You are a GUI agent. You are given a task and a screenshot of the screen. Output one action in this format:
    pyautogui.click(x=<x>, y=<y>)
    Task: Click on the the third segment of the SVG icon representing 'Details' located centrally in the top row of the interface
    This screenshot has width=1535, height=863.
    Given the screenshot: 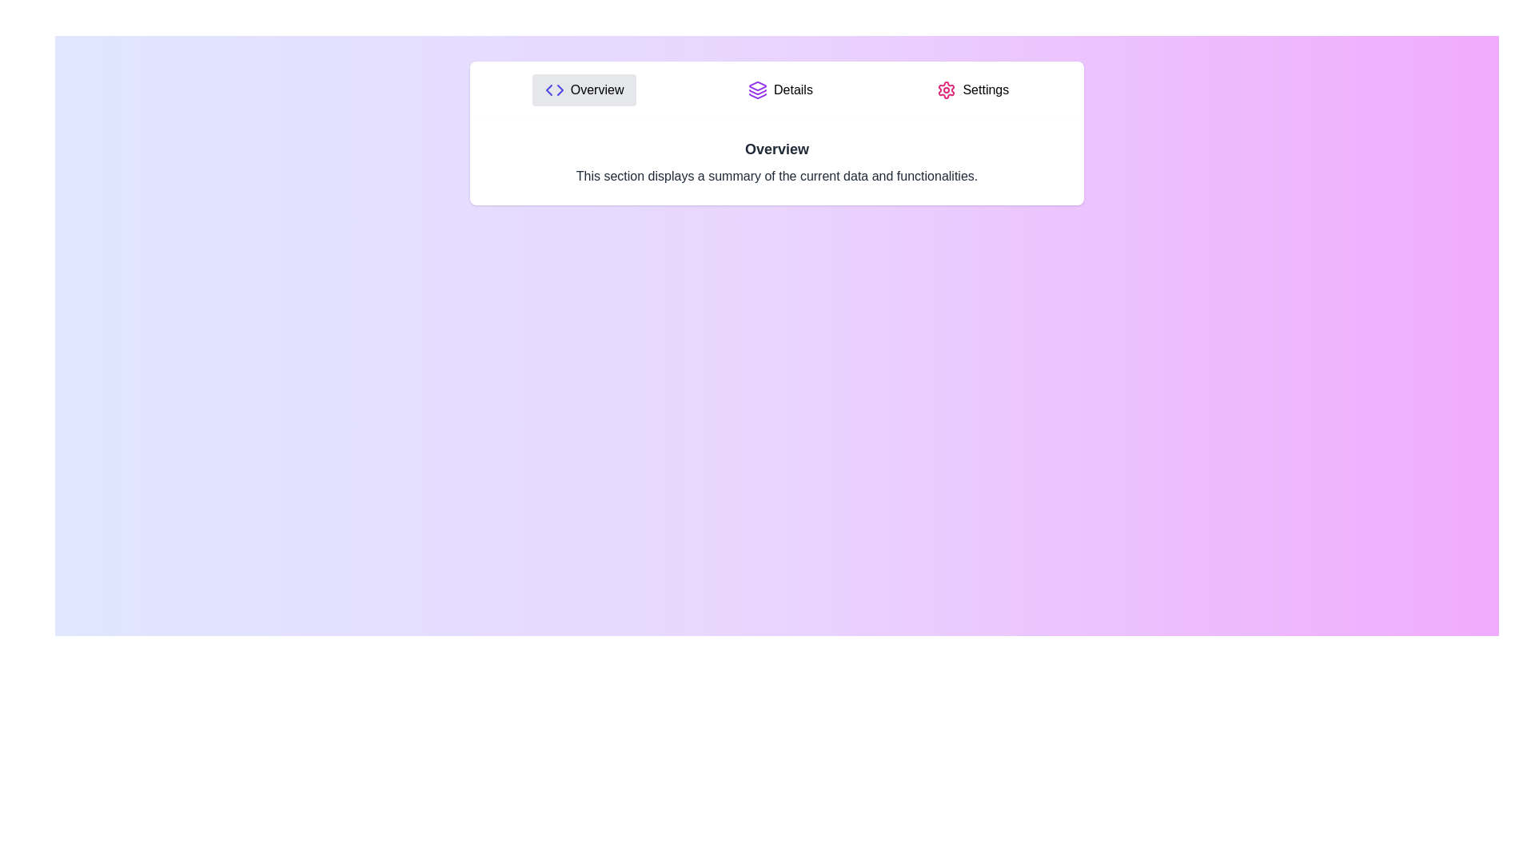 What is the action you would take?
    pyautogui.click(x=756, y=96)
    